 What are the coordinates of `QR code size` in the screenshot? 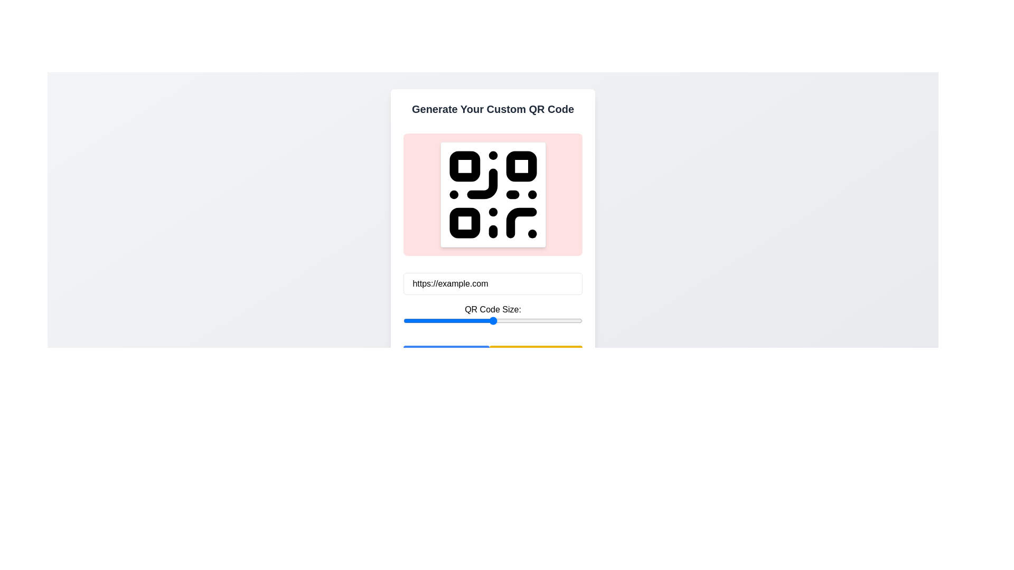 It's located at (469, 320).